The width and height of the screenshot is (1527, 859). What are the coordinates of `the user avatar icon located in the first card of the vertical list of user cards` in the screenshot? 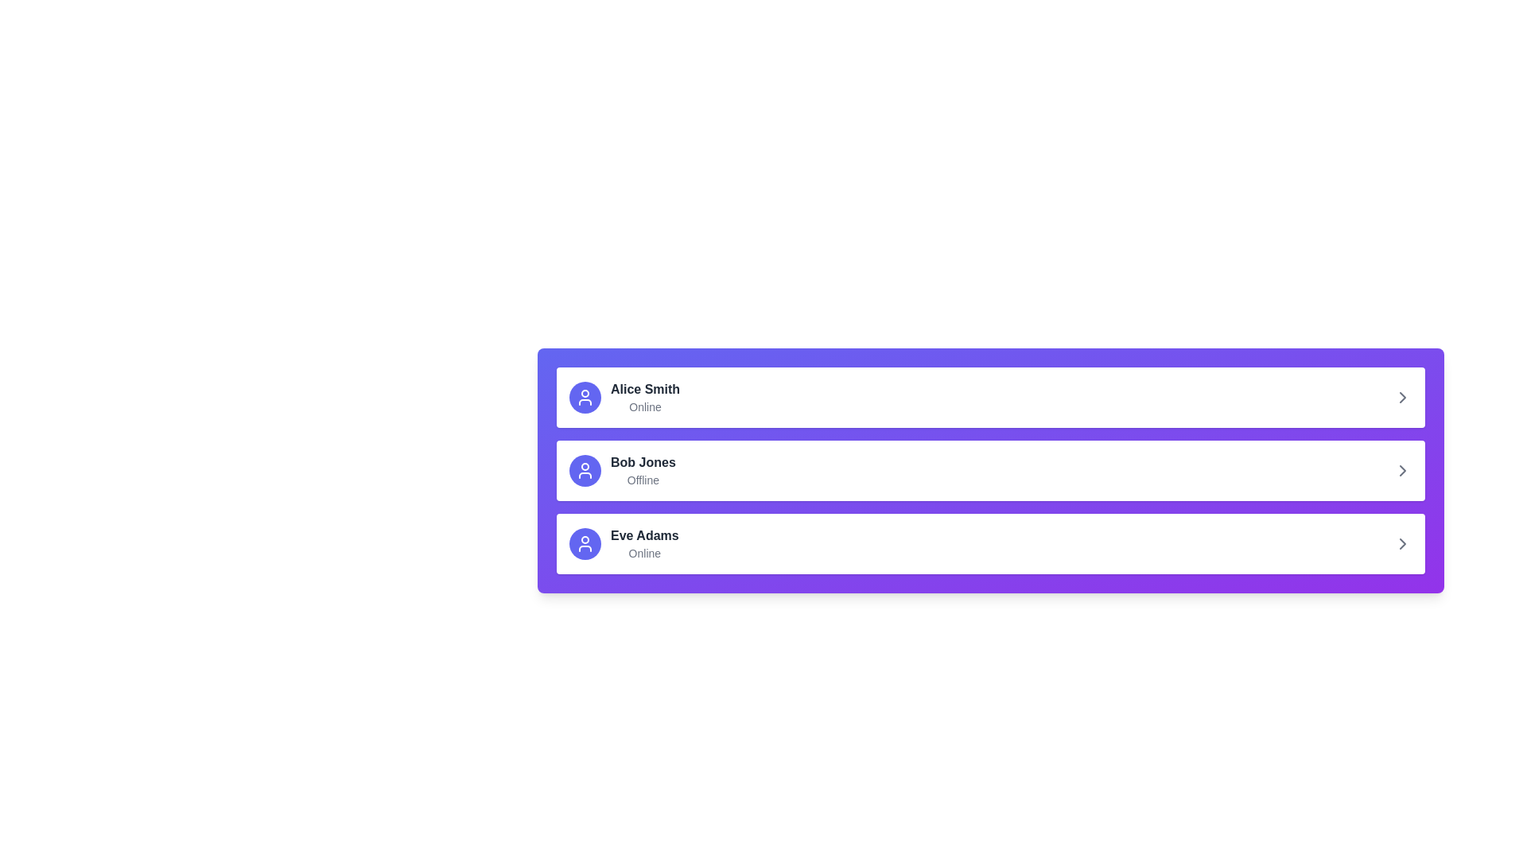 It's located at (584, 397).